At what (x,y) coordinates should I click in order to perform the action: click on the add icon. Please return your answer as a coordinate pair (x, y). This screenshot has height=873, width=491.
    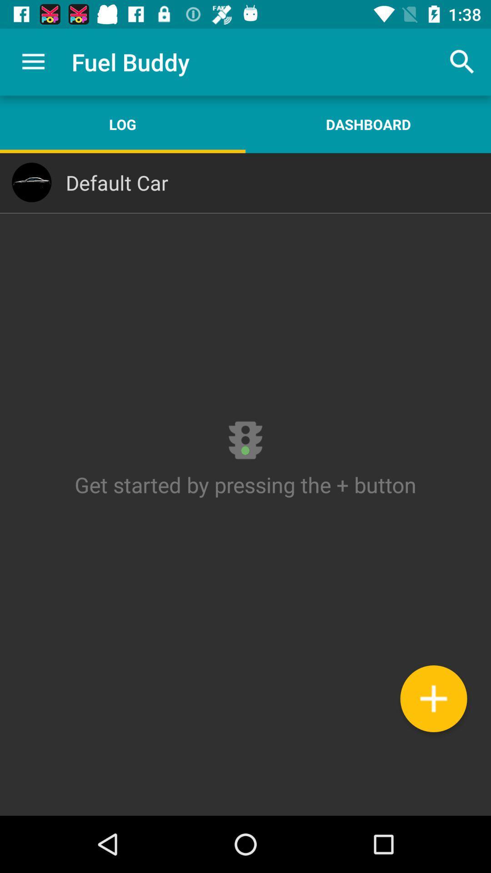
    Looking at the image, I should click on (433, 698).